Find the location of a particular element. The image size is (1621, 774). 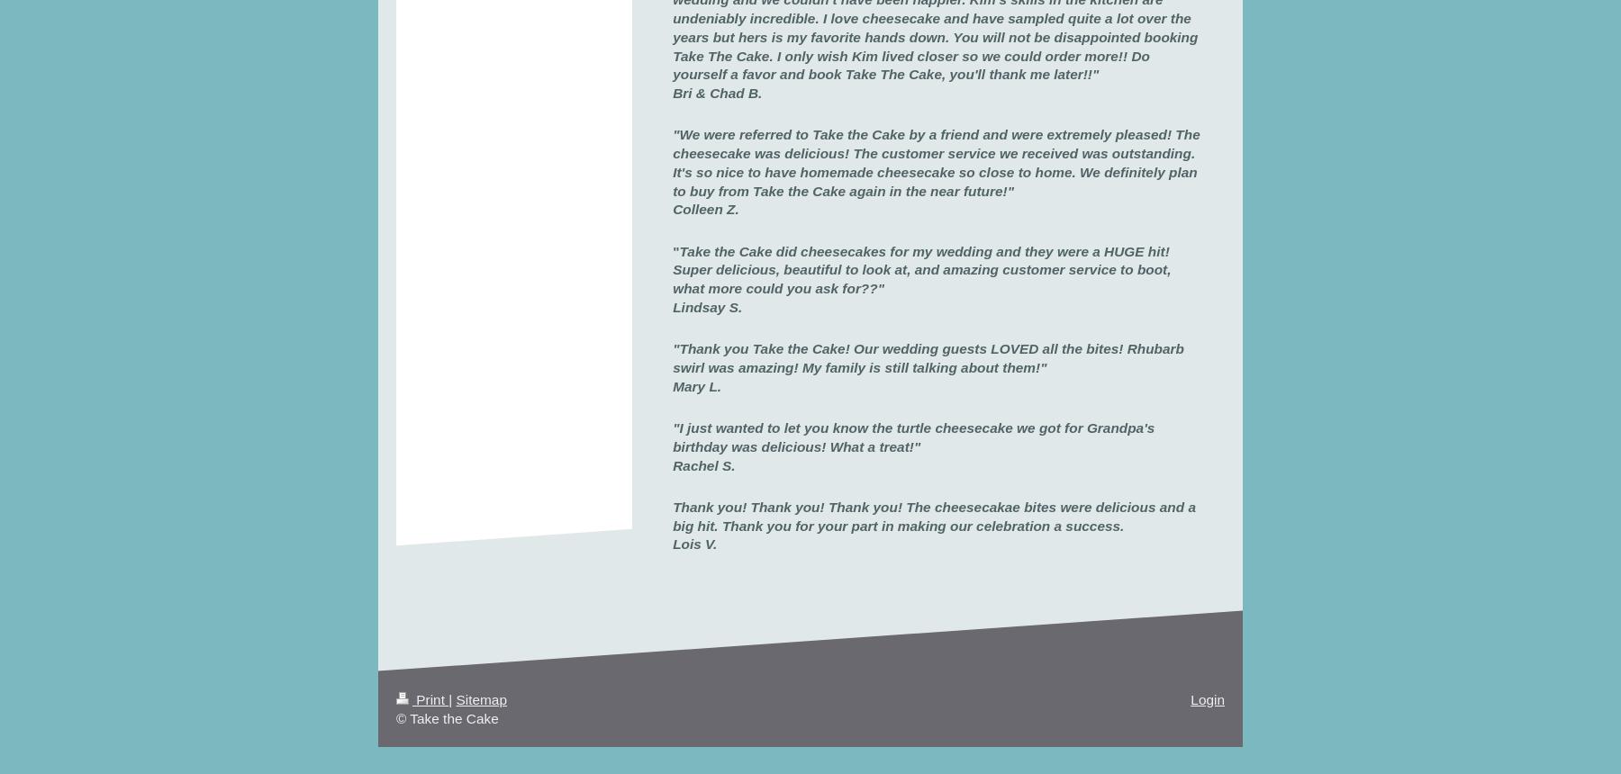

'Print' is located at coordinates (430, 698).